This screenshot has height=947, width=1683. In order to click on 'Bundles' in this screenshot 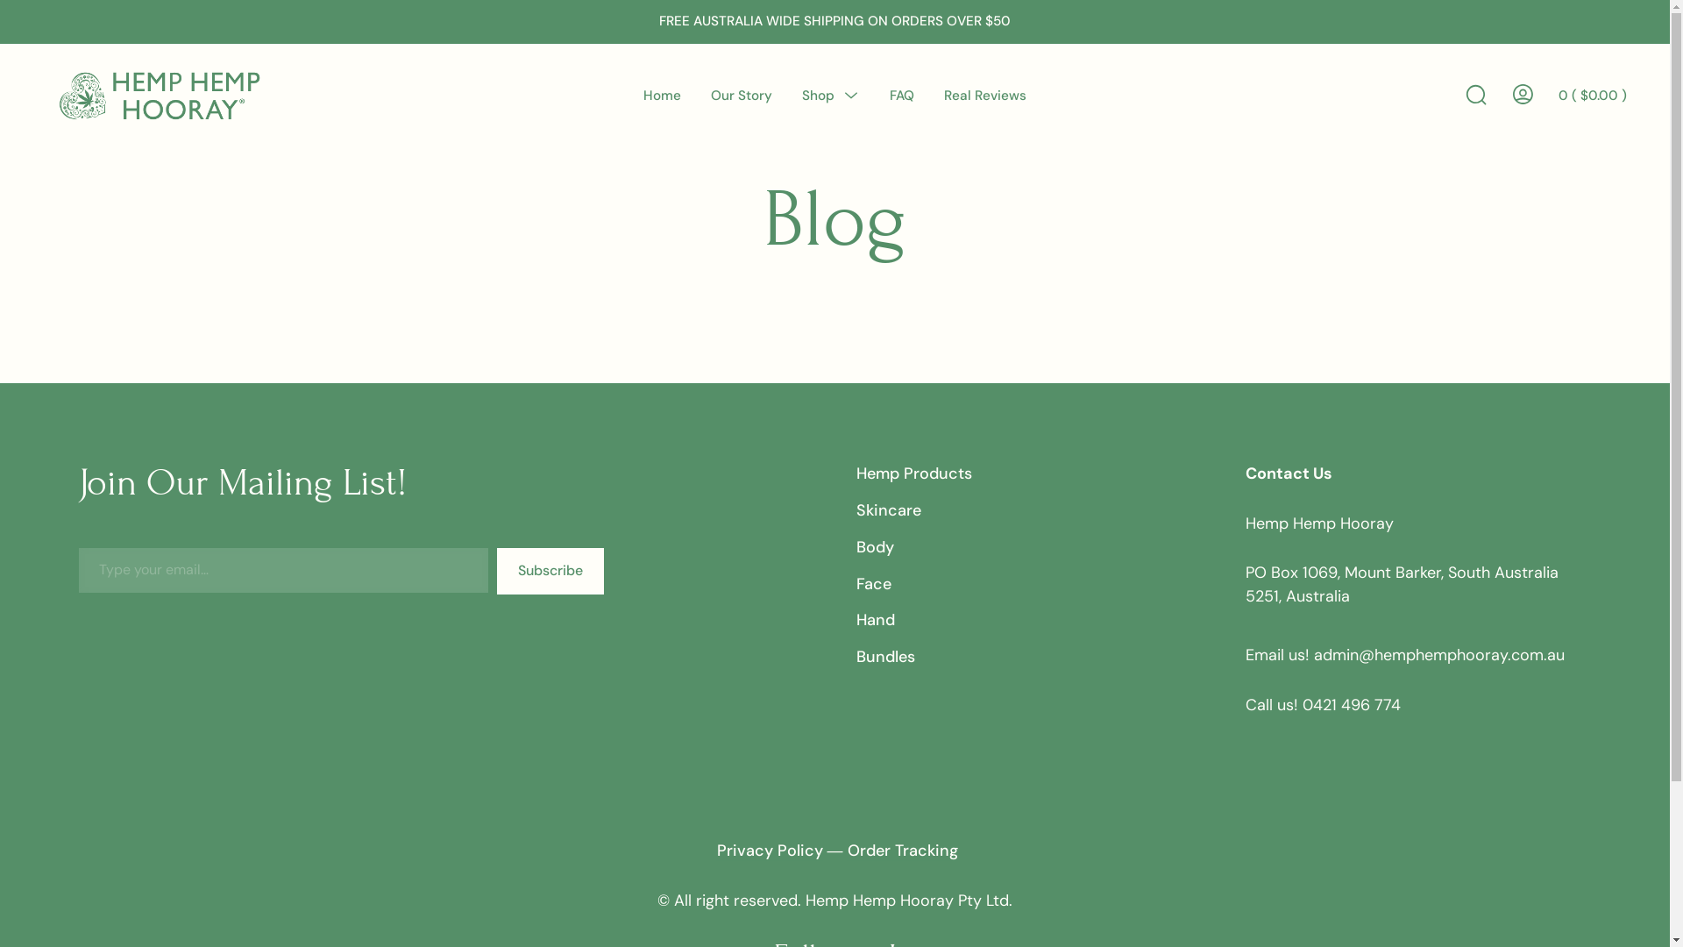, I will do `click(856, 656)`.